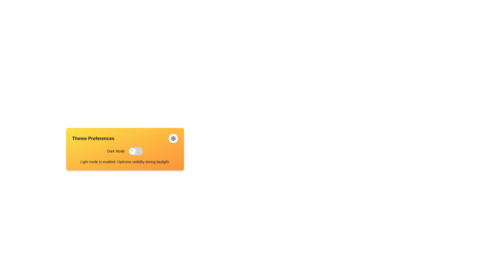  What do you see at coordinates (125, 162) in the screenshot?
I see `the informational text block that states 'Light mode is enabled. Optimize visibility during daylight.' located at the bottom of the 'Theme Preferences' card` at bounding box center [125, 162].